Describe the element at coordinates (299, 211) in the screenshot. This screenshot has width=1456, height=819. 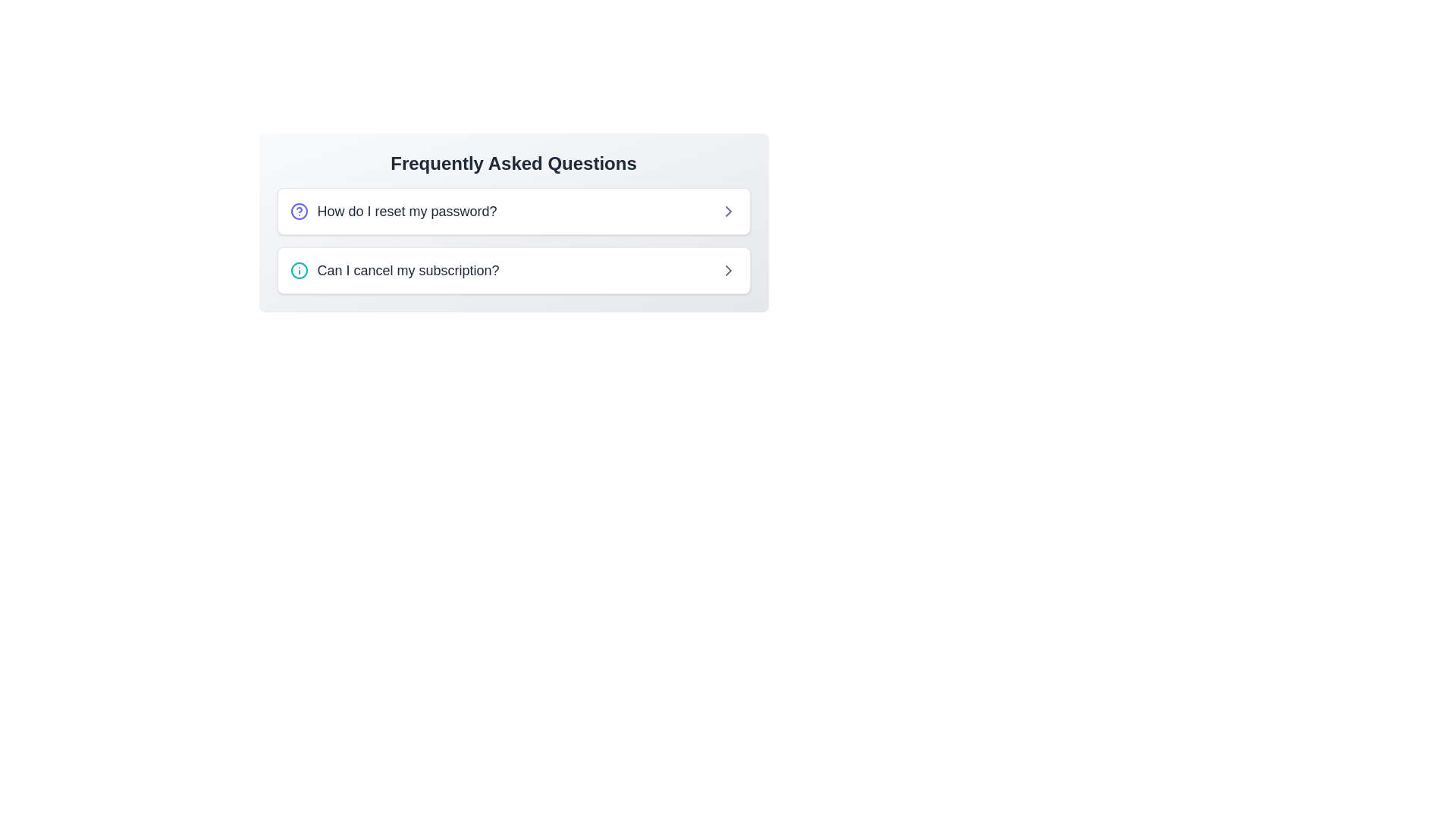
I see `the circular indigo icon with a question mark that precedes the 'How do I reset my password?' text in the frequently asked questions section` at that location.